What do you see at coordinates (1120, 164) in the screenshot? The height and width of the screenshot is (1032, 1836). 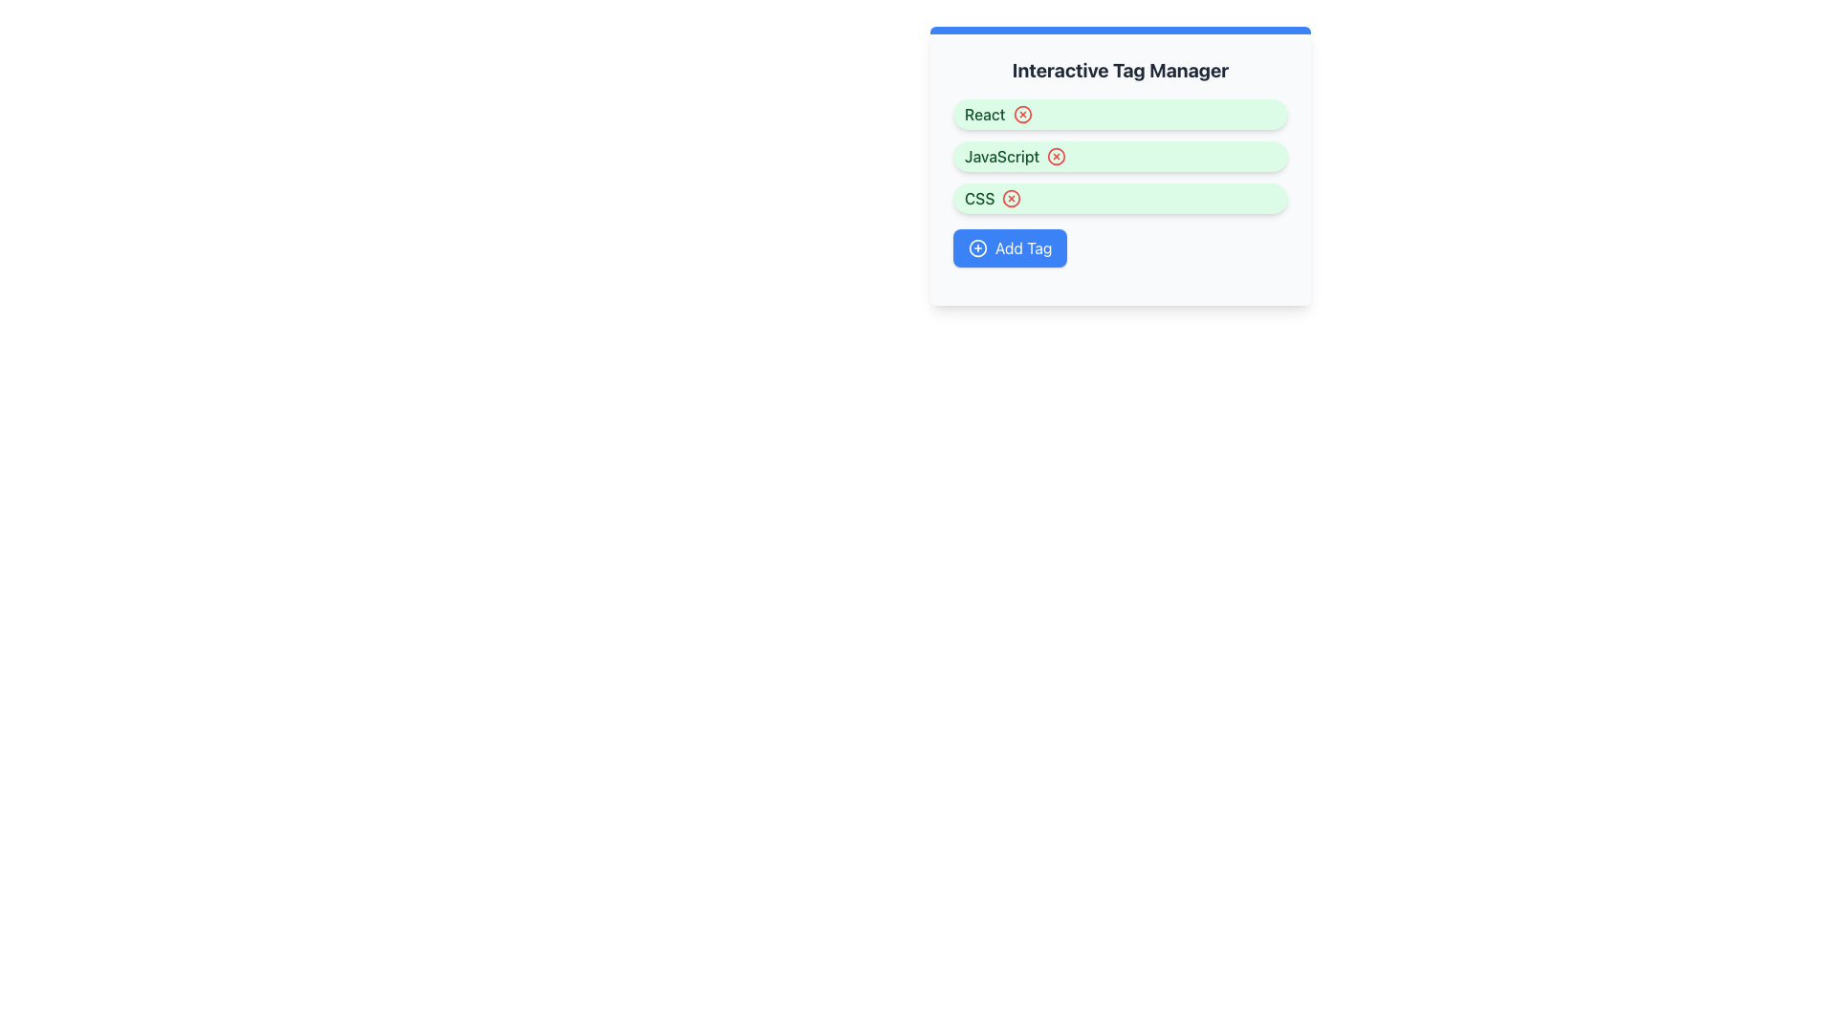 I see `the second tag element in the Interactive Tag Manager, located between the 'React' and 'CSS' labels` at bounding box center [1120, 164].